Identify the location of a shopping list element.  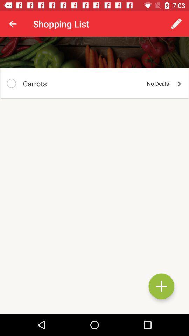
(161, 286).